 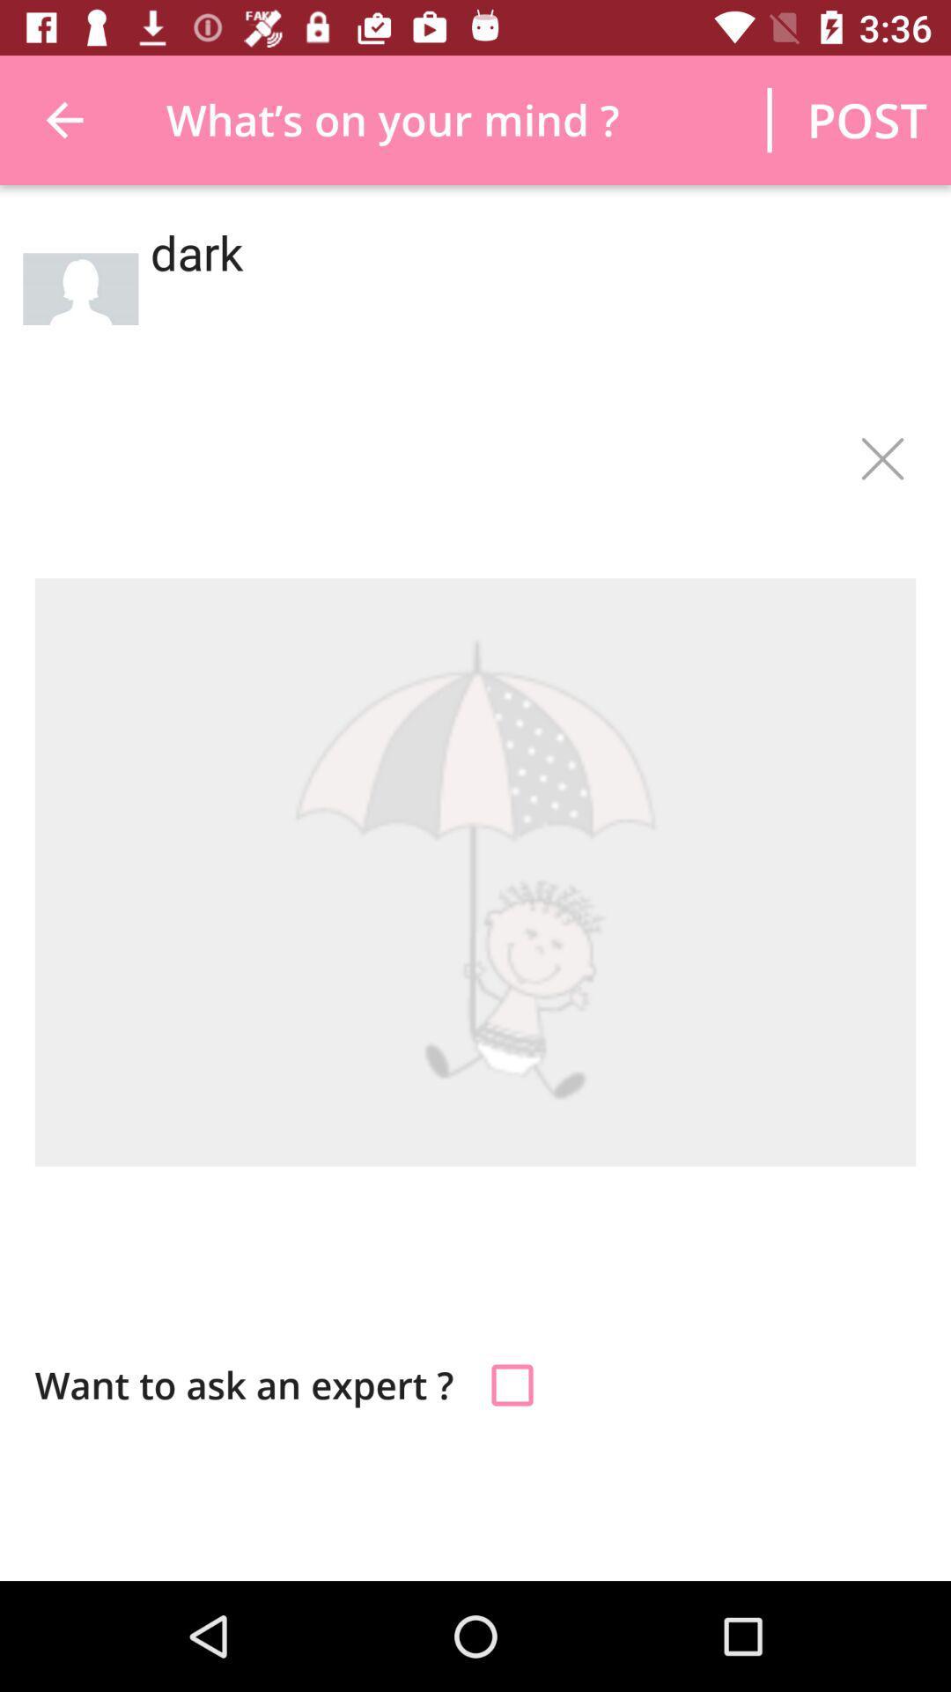 I want to click on dark icon, so click(x=527, y=308).